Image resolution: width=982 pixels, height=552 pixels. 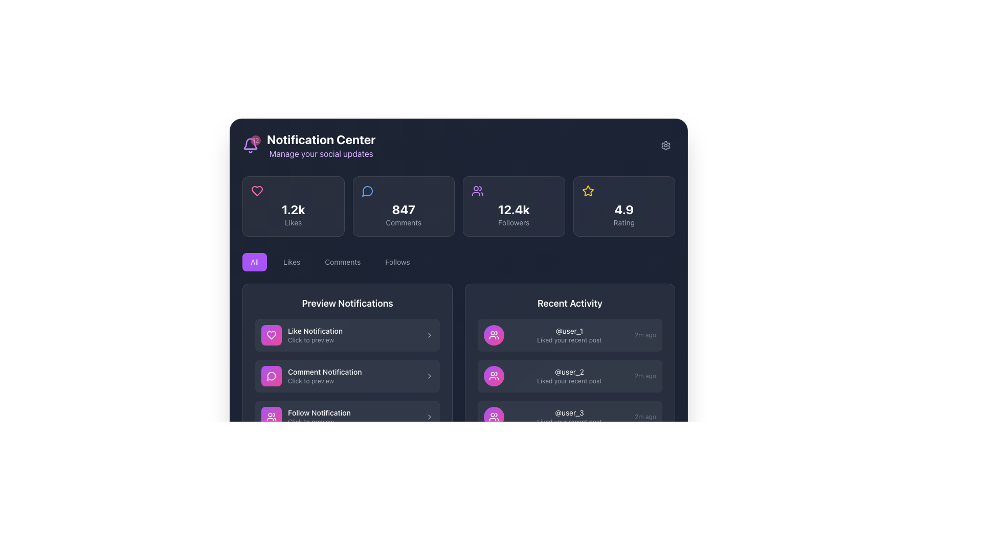 What do you see at coordinates (665, 146) in the screenshot?
I see `the cogwheel icon located in the top-right corner of the interface` at bounding box center [665, 146].